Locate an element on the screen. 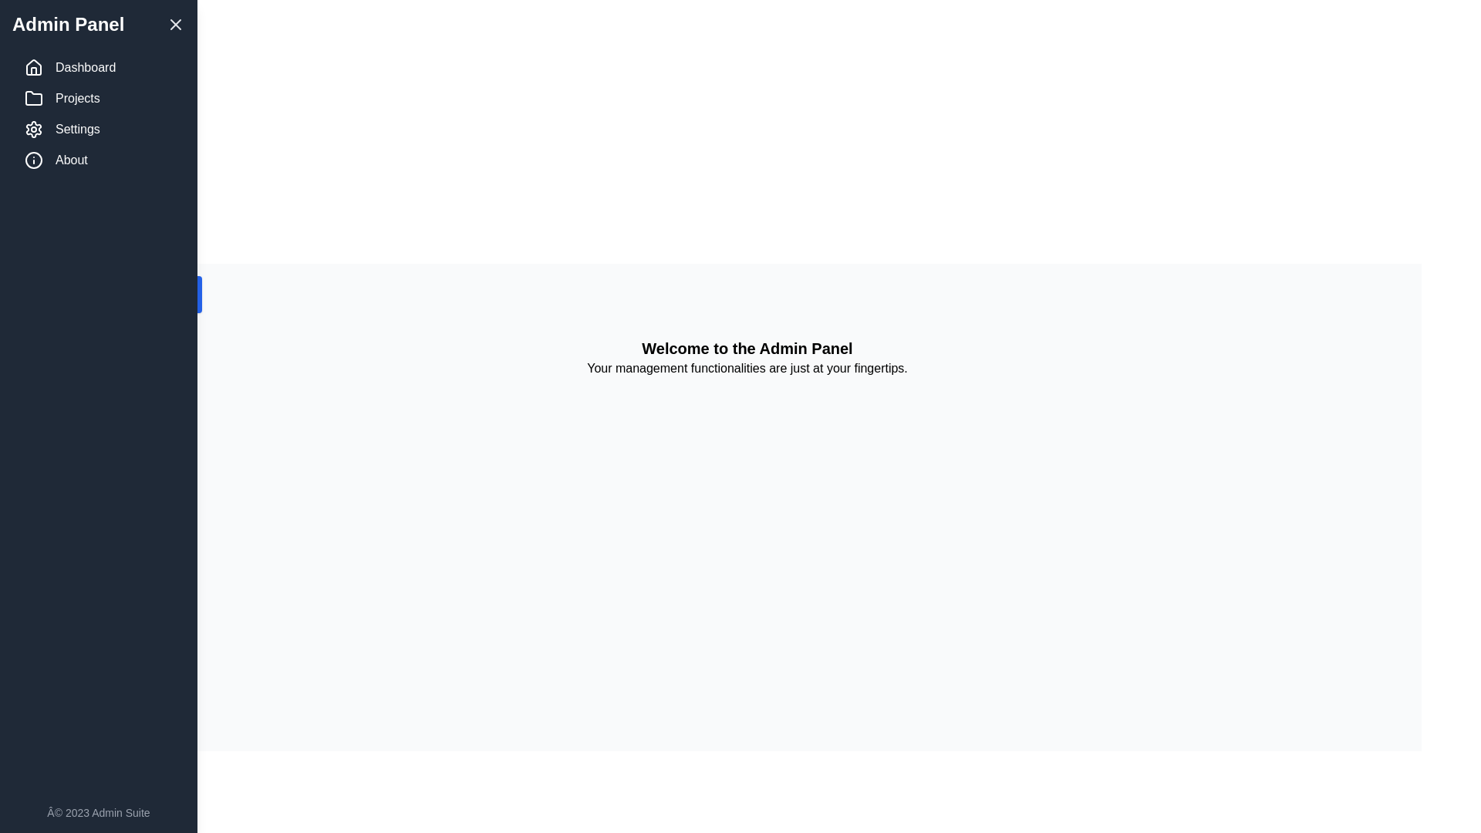  the 'About' text label in the sidebar menu is located at coordinates (70, 160).